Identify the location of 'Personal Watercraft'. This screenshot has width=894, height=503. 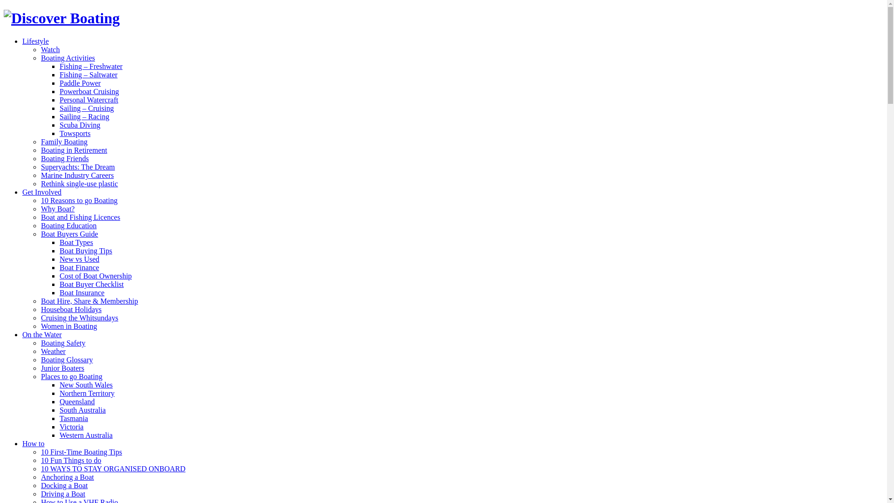
(89, 100).